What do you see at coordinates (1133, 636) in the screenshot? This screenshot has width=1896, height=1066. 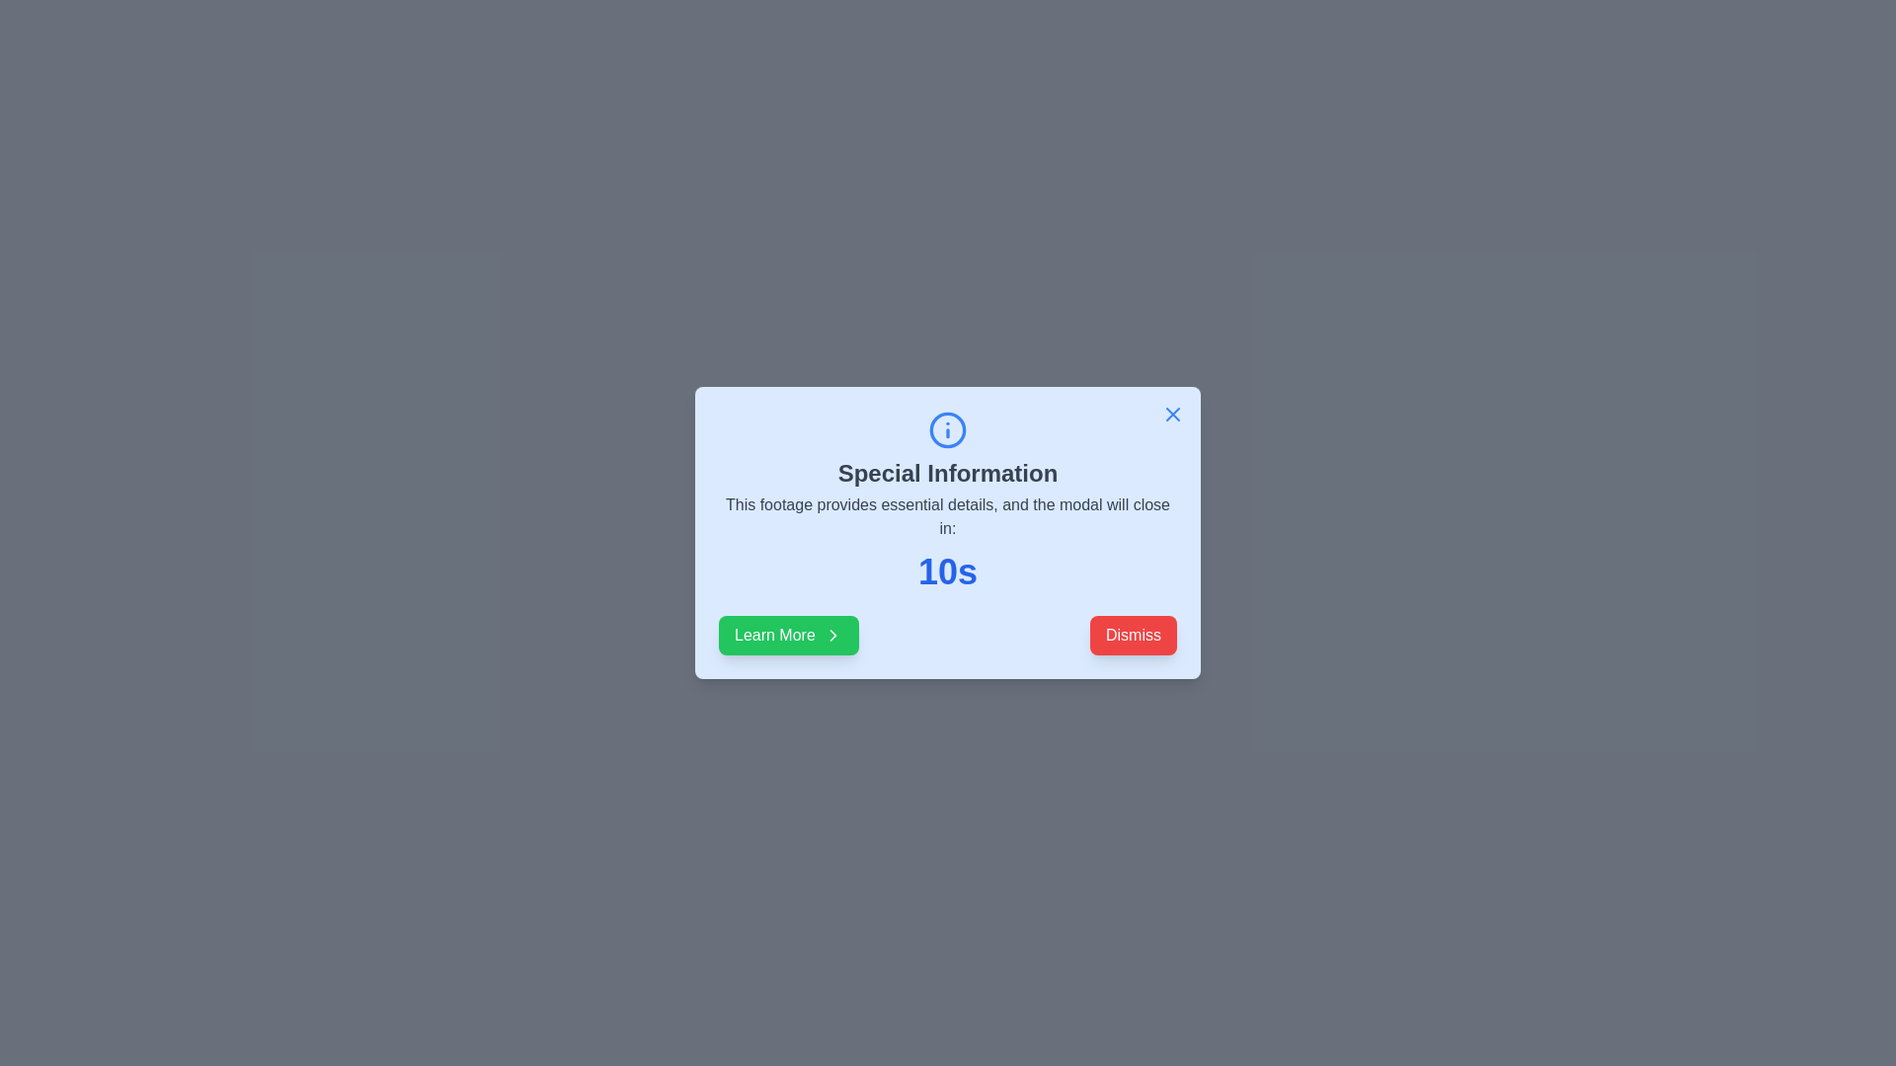 I see `the rectangular button with a red background and white text labeled 'Dismiss' to change its background color to a darker red` at bounding box center [1133, 636].